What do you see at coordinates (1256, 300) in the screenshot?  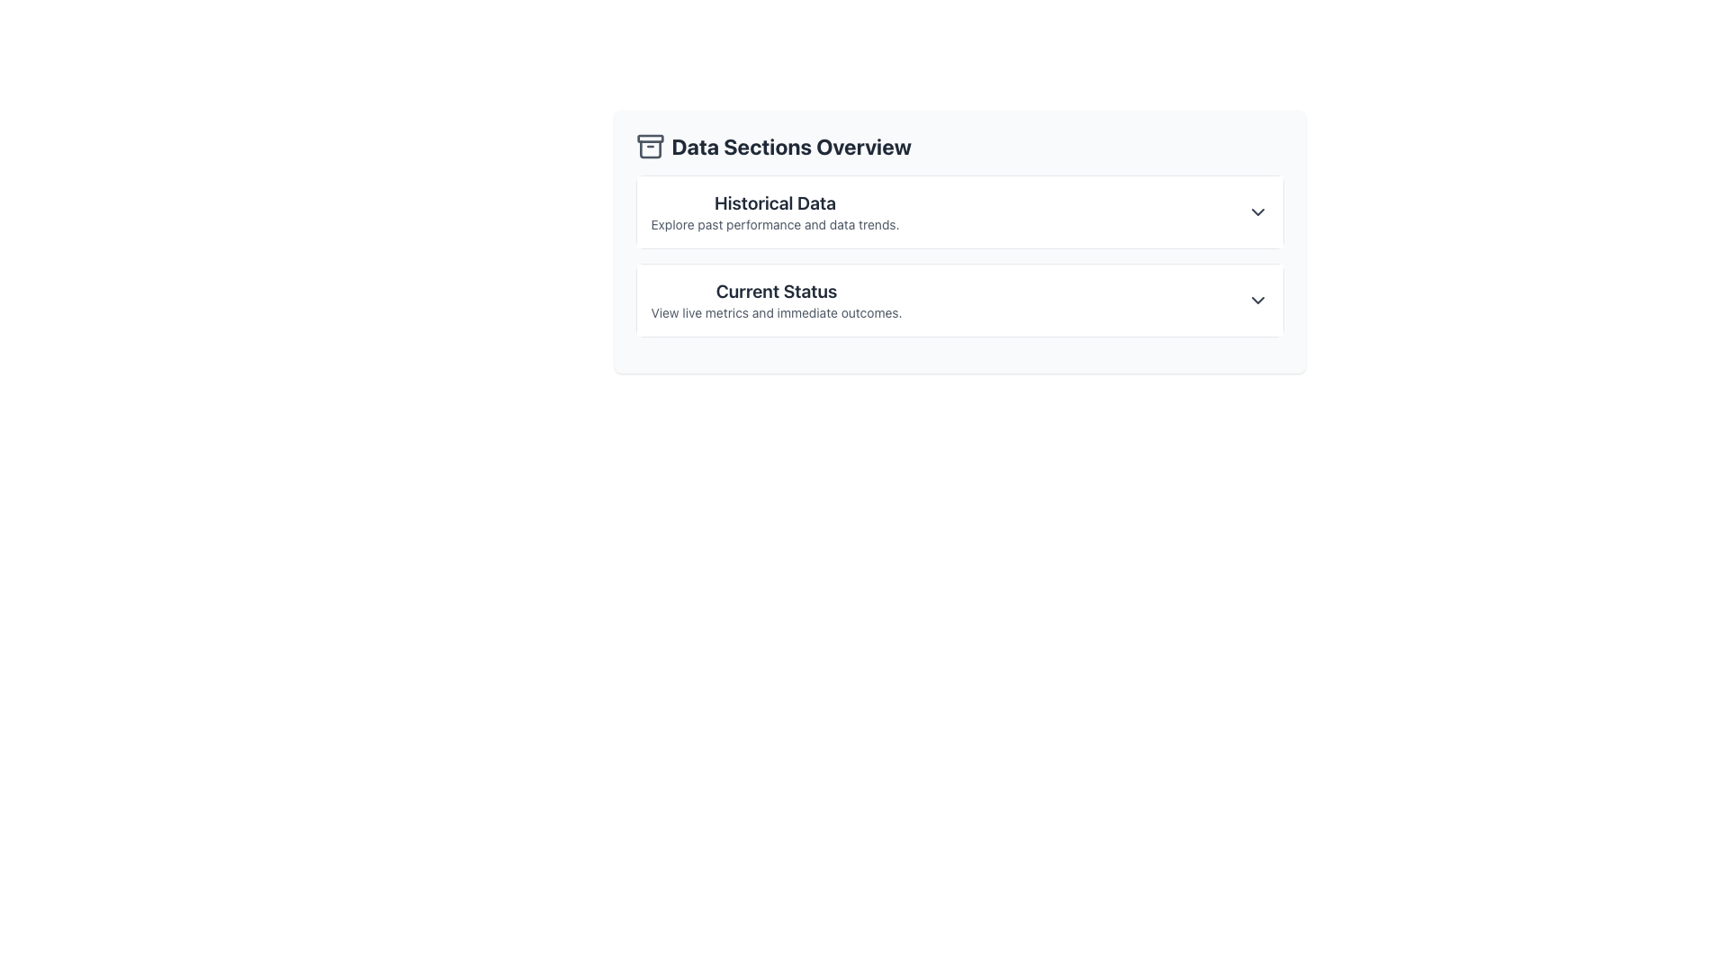 I see `the downward-pointing gray arrow icon located at the far right of the 'Current Status' section` at bounding box center [1256, 300].